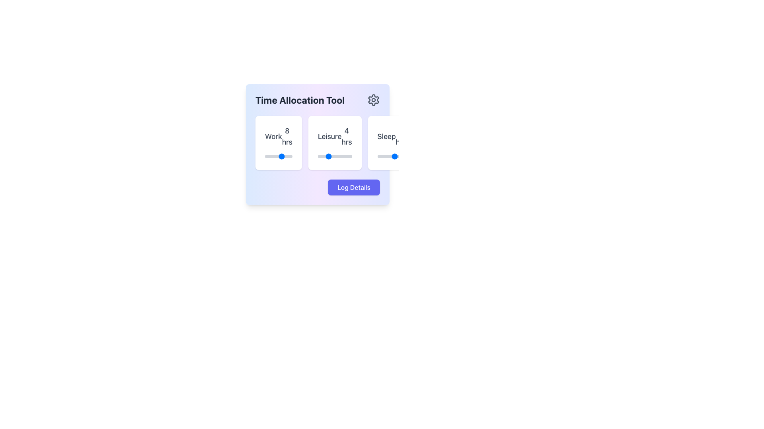  What do you see at coordinates (347, 136) in the screenshot?
I see `the text label displaying '4 hrs', which is positioned below the 'Leisure' text in the middle card of a three-card layout` at bounding box center [347, 136].